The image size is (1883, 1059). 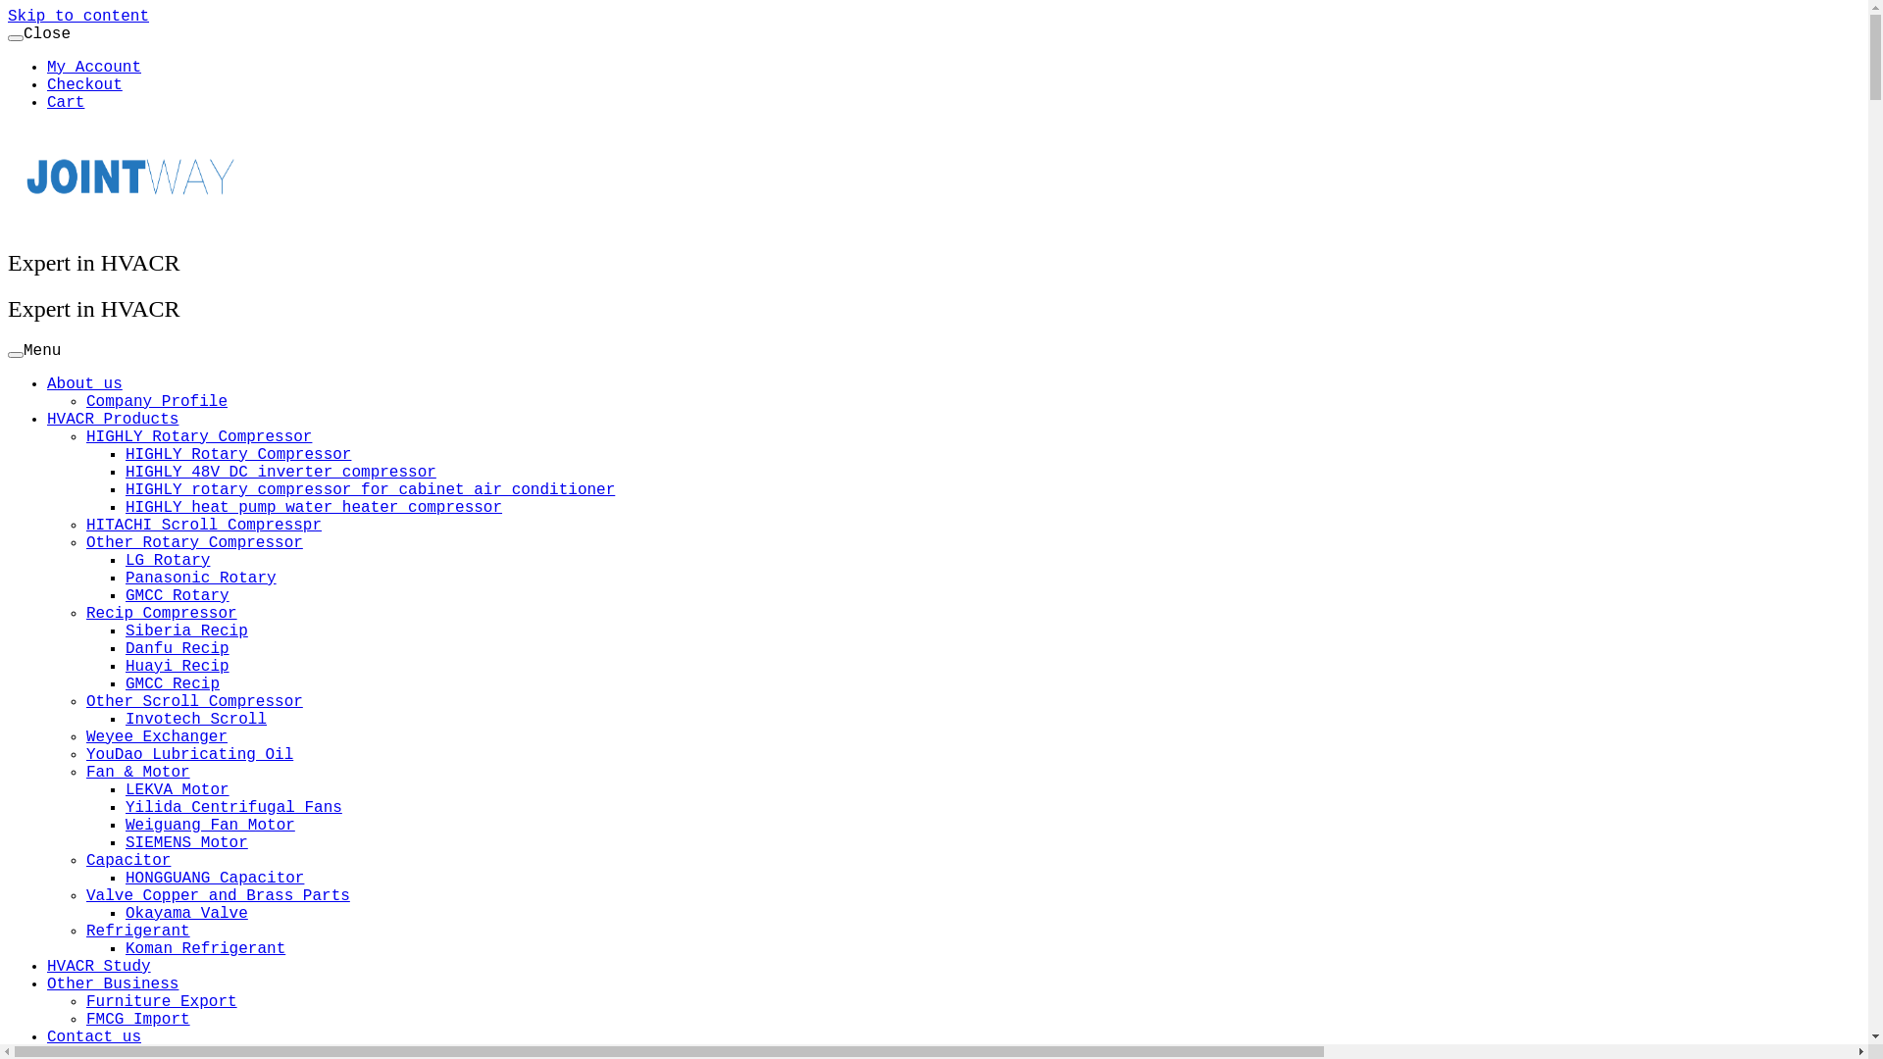 What do you see at coordinates (136, 771) in the screenshot?
I see `'Fan & Motor'` at bounding box center [136, 771].